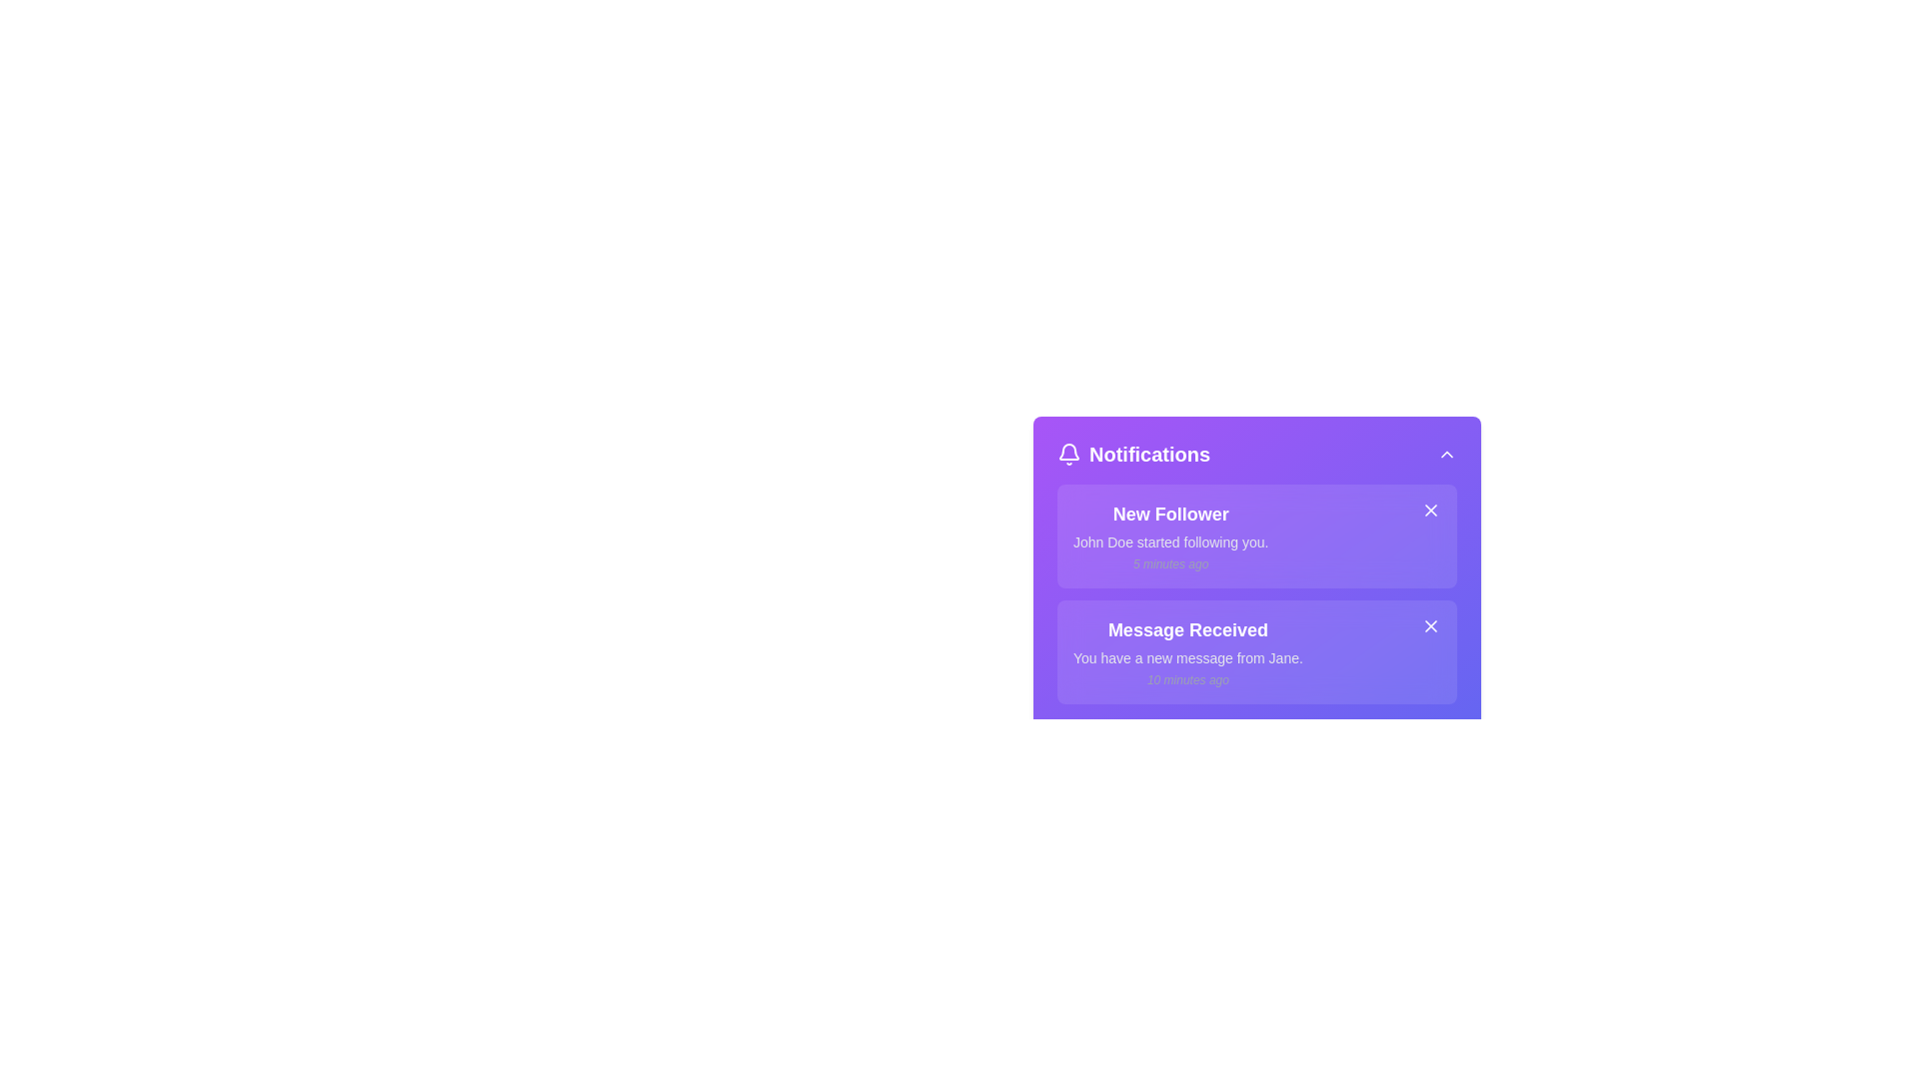  What do you see at coordinates (1187, 658) in the screenshot?
I see `static text message 'You have a new message from Jane.' displayed in gray color within the notification card titled 'Message Received'` at bounding box center [1187, 658].